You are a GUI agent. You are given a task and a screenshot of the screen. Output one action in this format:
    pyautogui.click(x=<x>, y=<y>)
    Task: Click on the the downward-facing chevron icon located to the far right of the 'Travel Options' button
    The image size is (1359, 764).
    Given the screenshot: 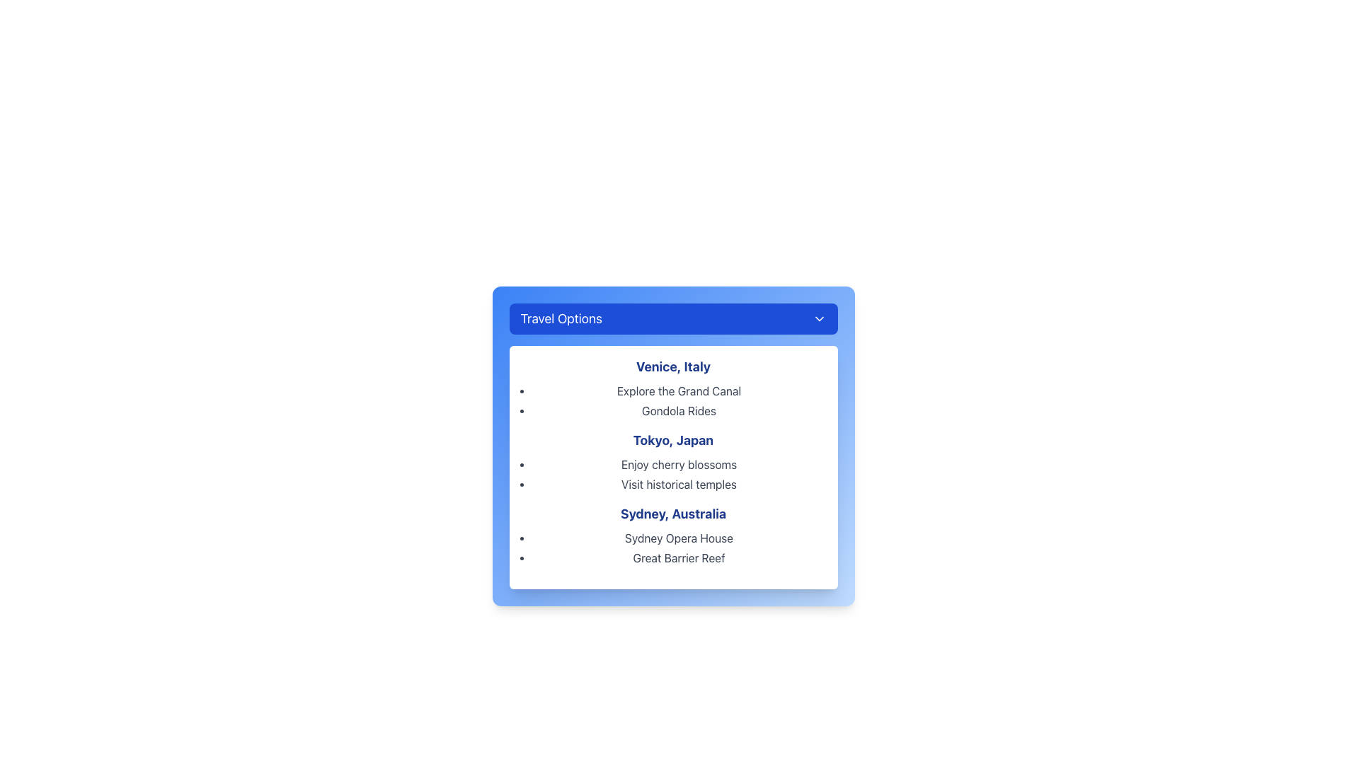 What is the action you would take?
    pyautogui.click(x=819, y=319)
    